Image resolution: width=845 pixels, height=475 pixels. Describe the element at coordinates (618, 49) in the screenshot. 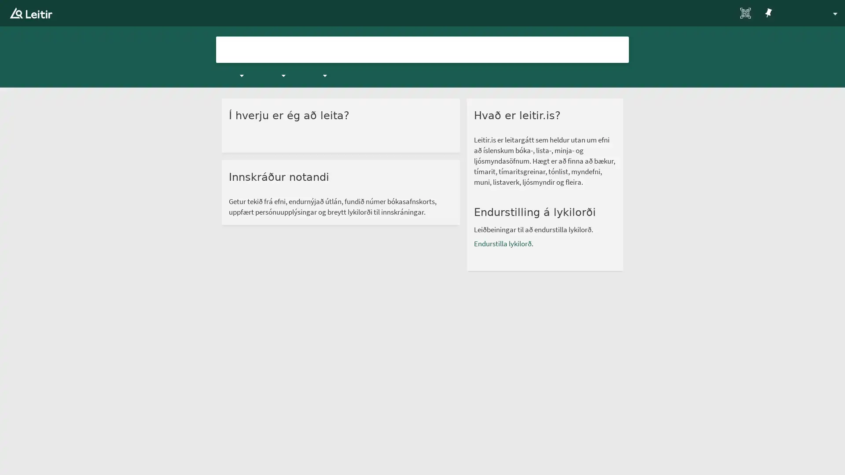

I see `Veldu siu(r) og smelltu a leita` at that location.